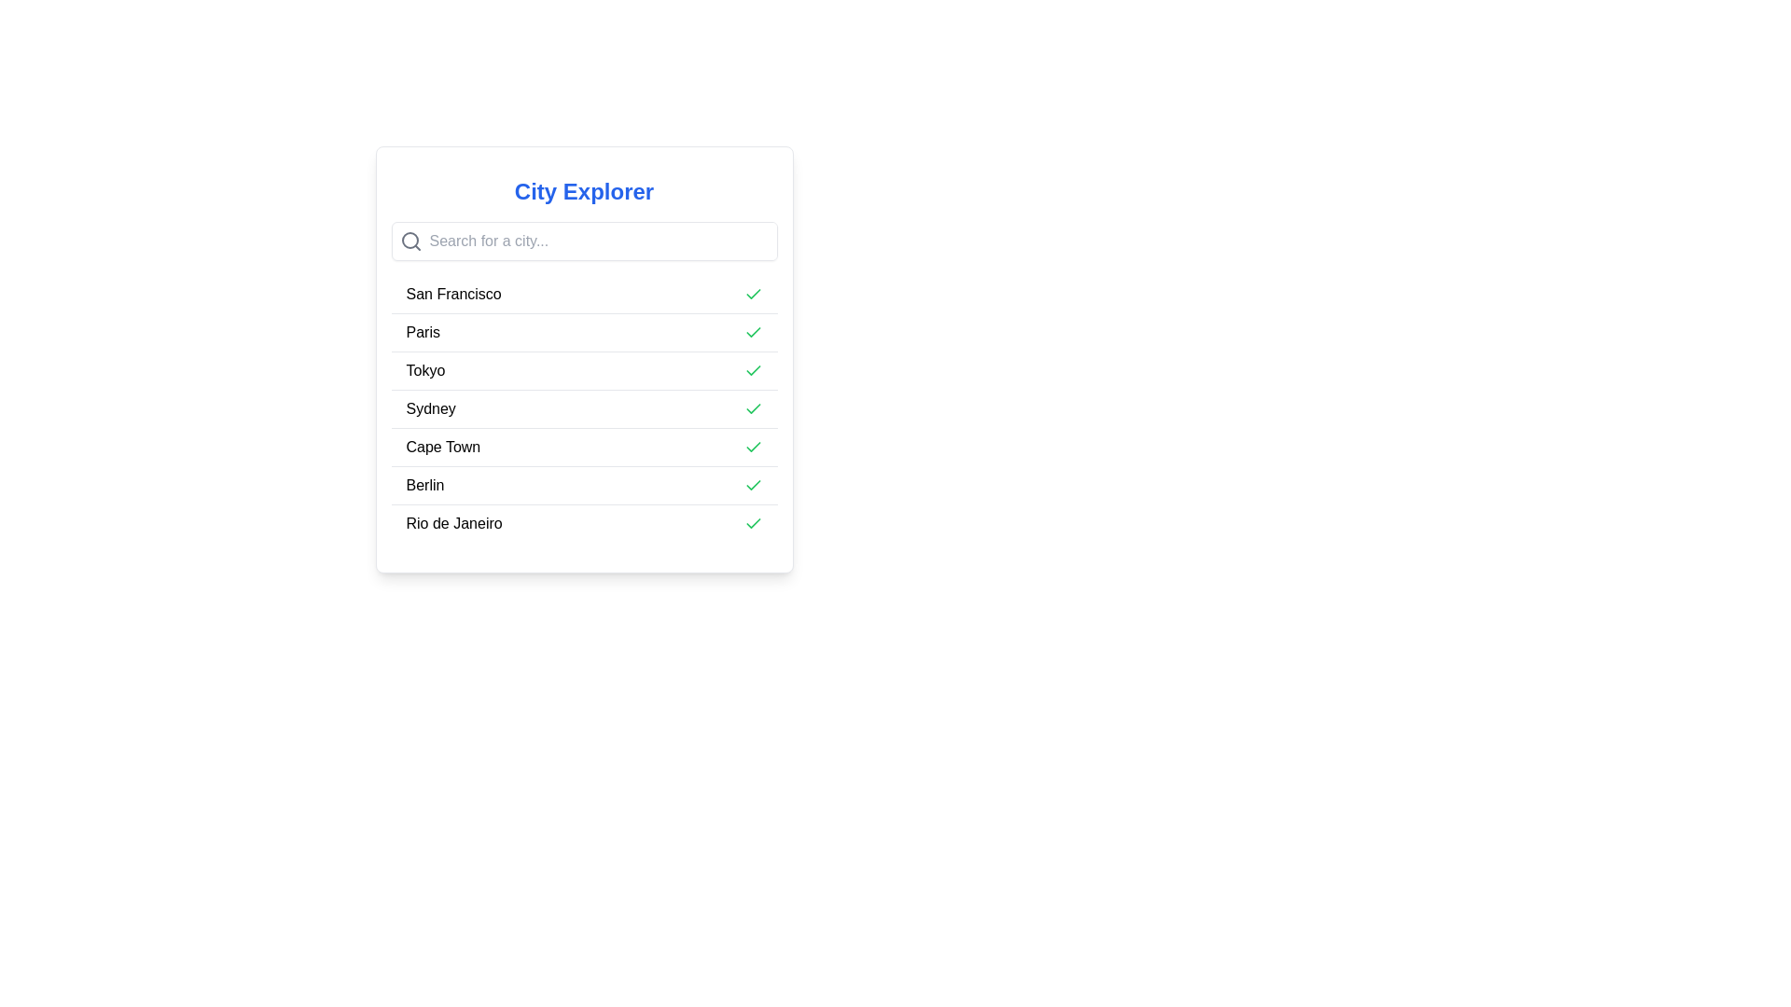  I want to click on the search trigger icon located to the left of the 'Search for a city...' input field, so click(410, 240).